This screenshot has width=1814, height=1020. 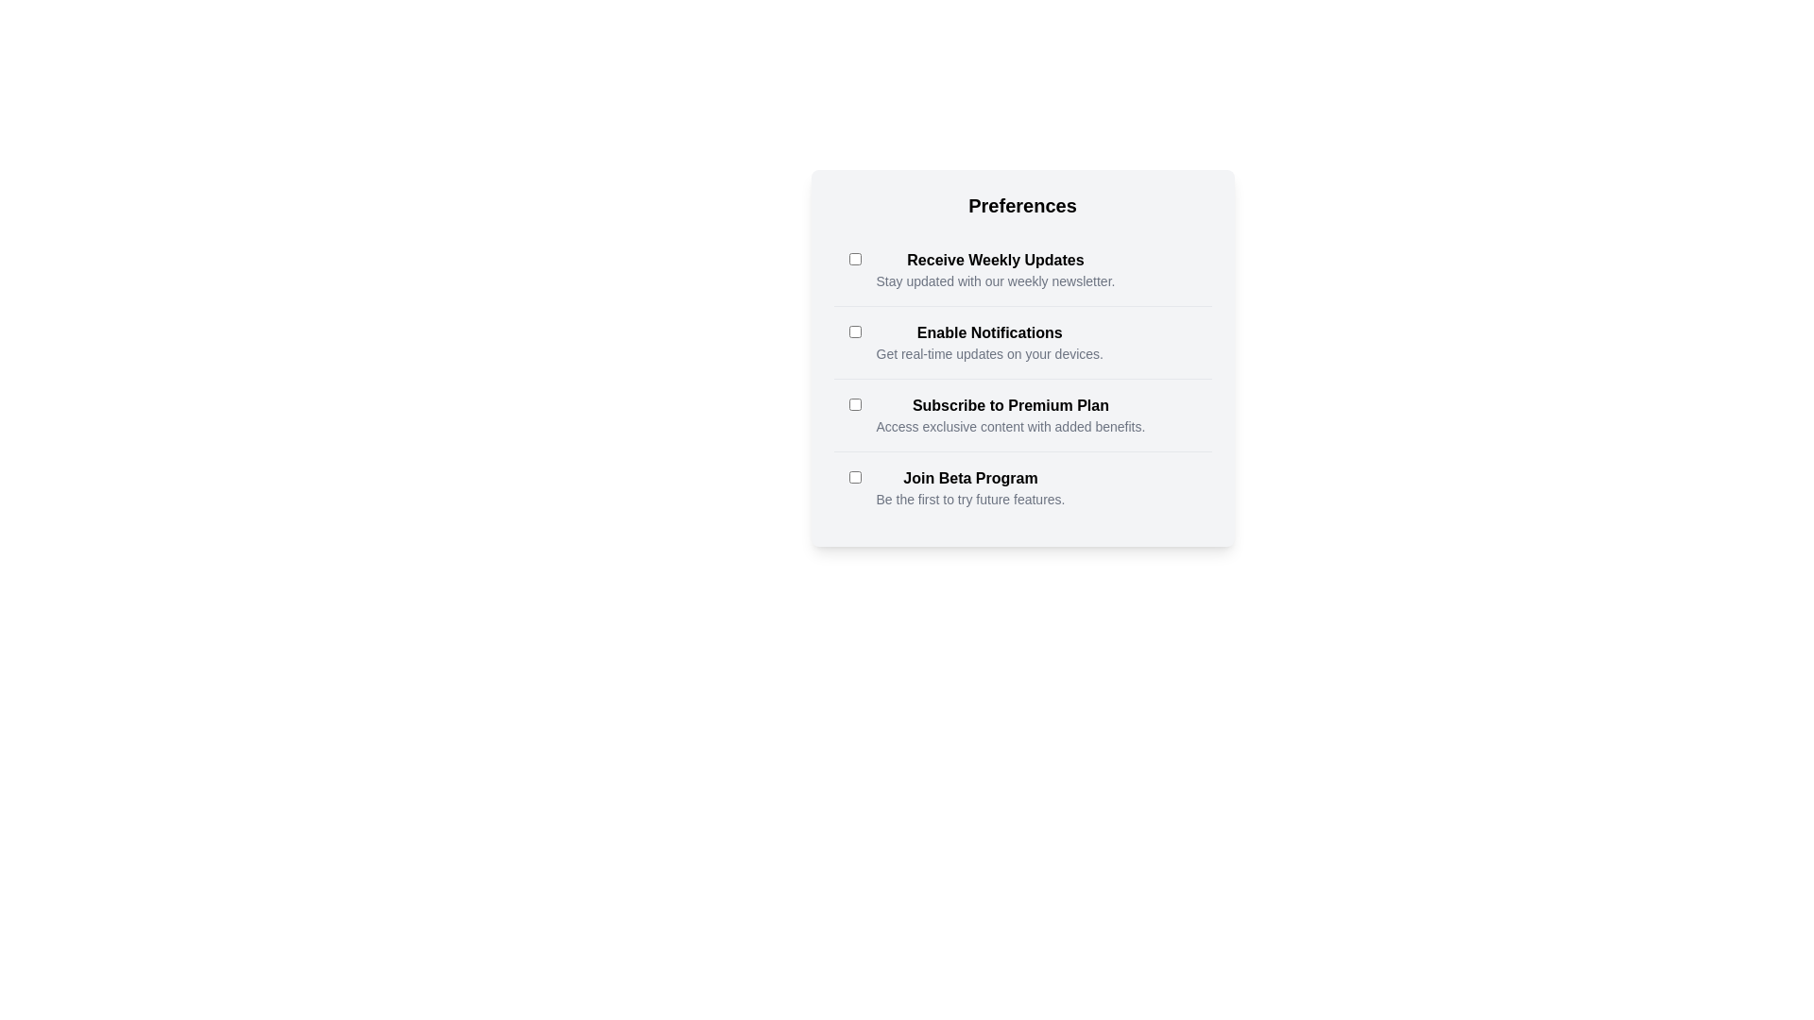 What do you see at coordinates (988, 332) in the screenshot?
I see `the label associated with the checkbox to toggle its state. The label text is Enable Notifications` at bounding box center [988, 332].